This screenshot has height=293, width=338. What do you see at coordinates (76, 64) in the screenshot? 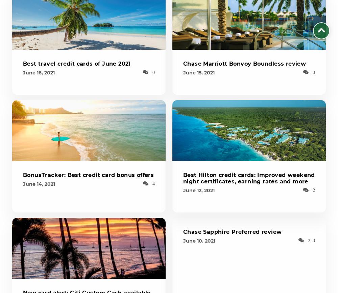
I see `'Best travel credit cards of June 2021'` at bounding box center [76, 64].